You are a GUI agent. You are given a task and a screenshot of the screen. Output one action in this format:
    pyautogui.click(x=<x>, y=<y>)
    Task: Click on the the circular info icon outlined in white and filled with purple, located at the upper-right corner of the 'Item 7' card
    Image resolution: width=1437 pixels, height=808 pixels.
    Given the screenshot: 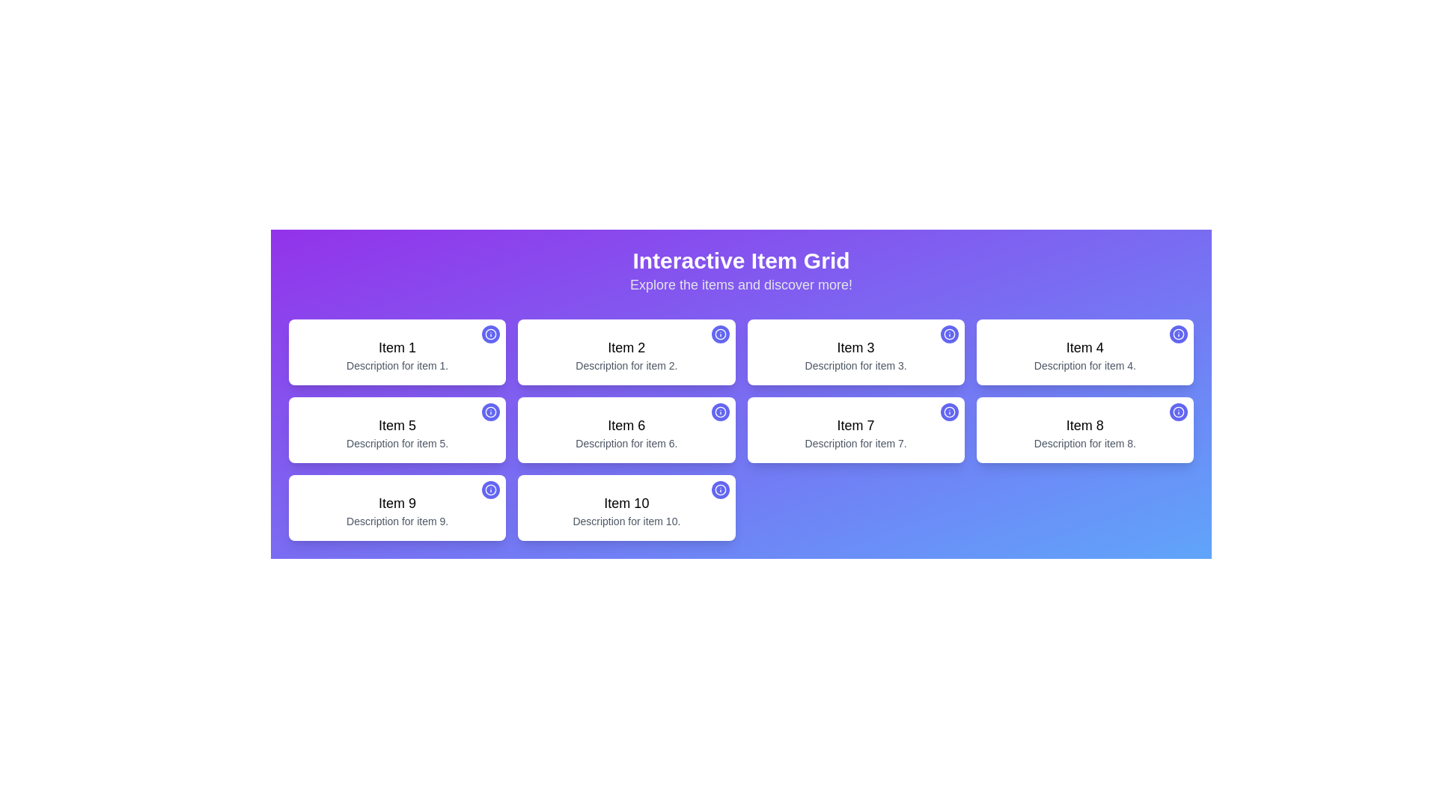 What is the action you would take?
    pyautogui.click(x=948, y=412)
    